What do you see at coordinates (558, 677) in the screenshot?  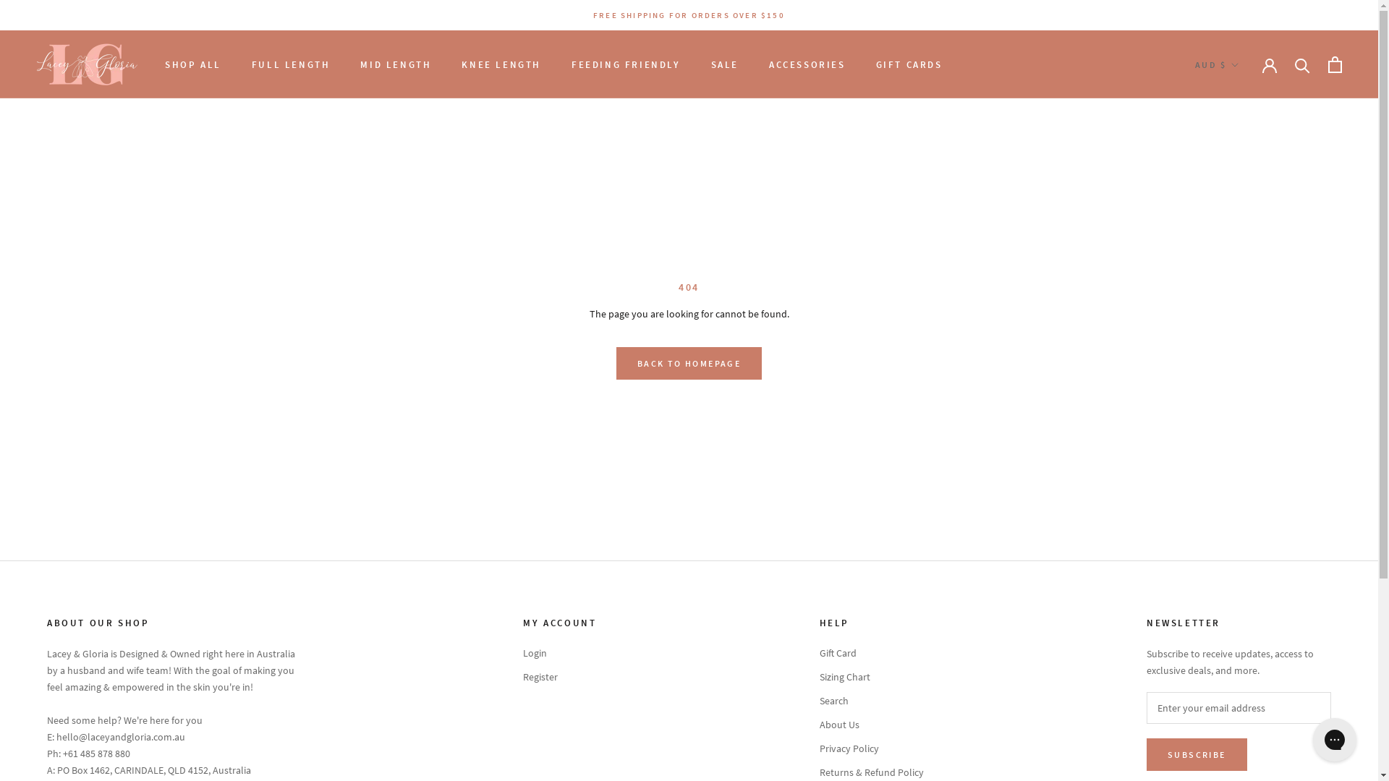 I see `'Register'` at bounding box center [558, 677].